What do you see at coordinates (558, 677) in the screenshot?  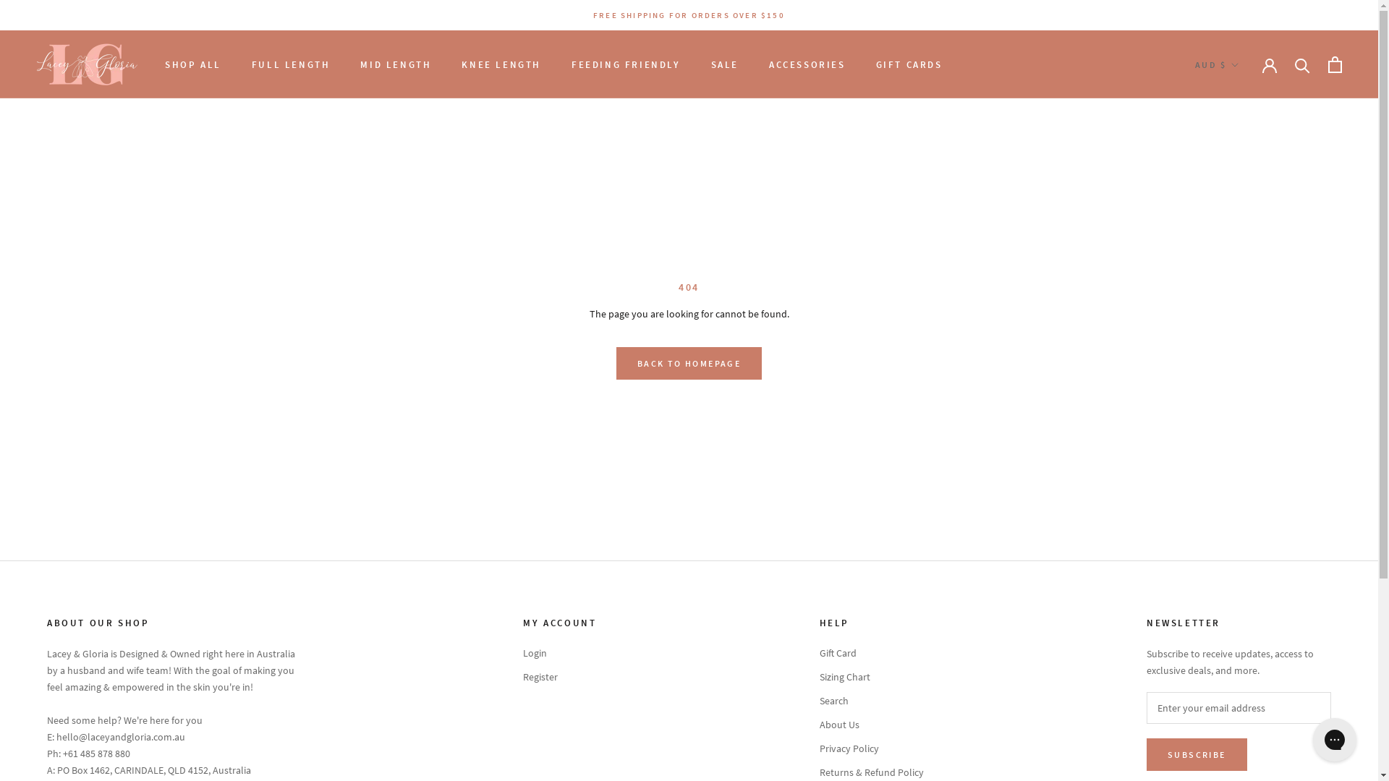 I see `'Register'` at bounding box center [558, 677].